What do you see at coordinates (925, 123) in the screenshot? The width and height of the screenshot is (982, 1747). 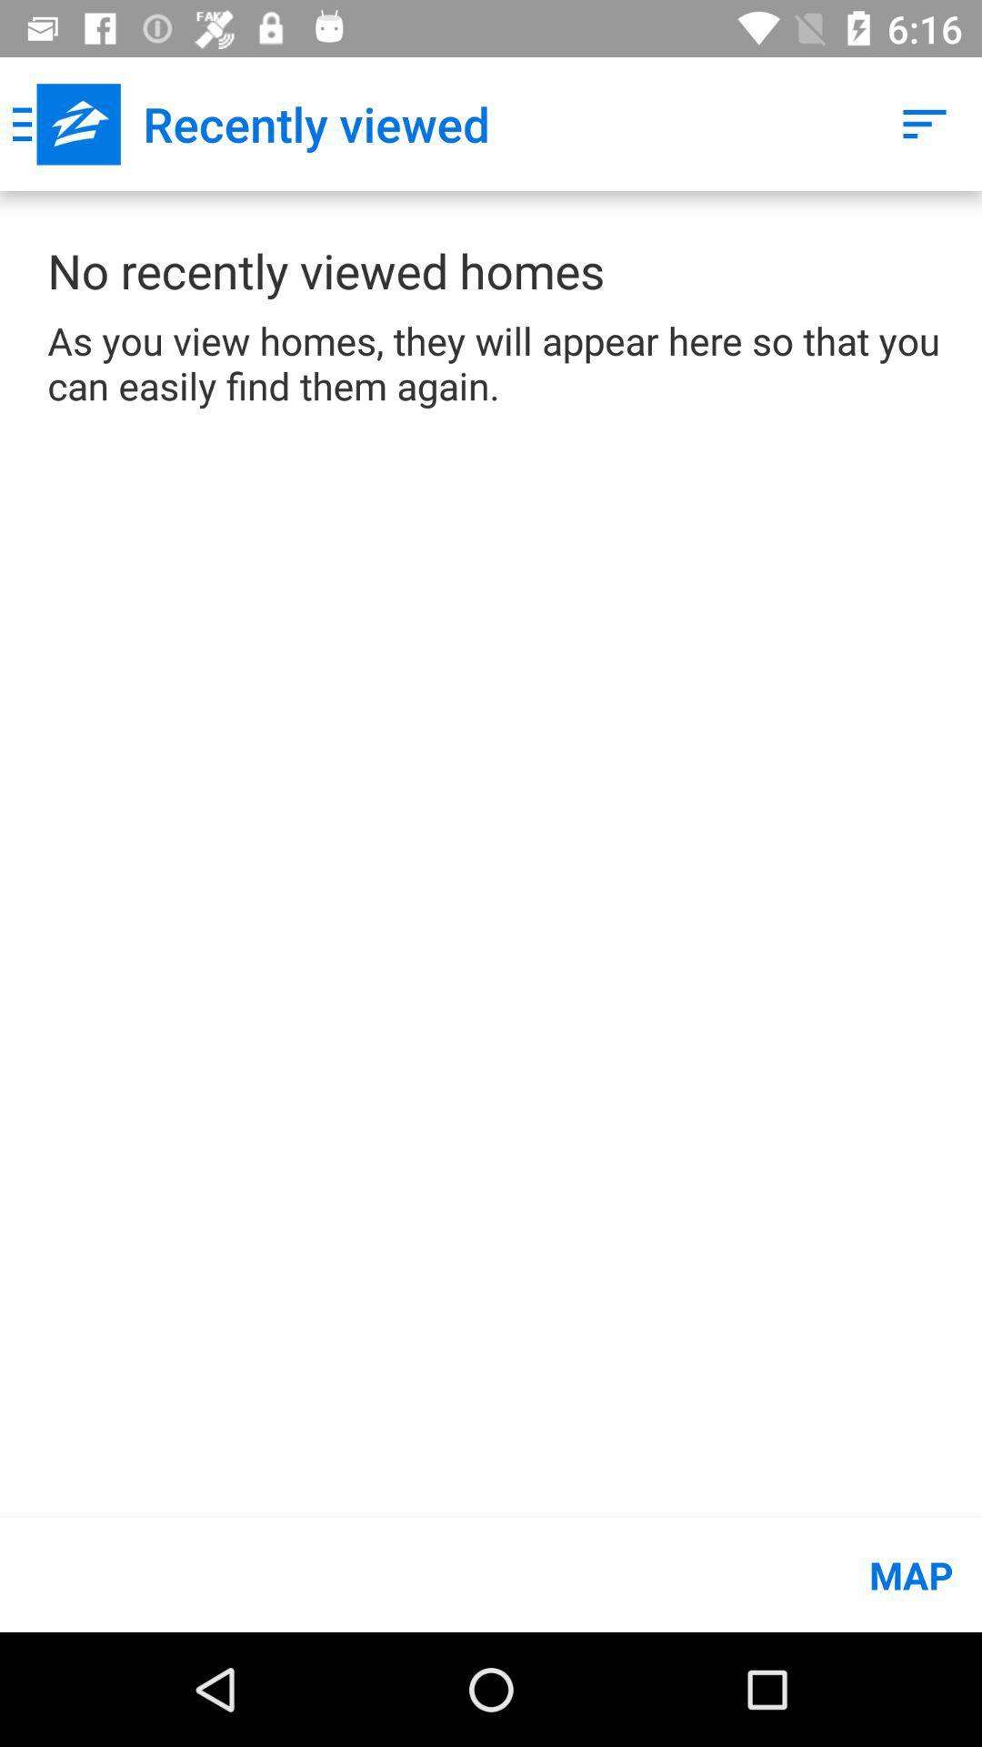 I see `item next to no recently viewed icon` at bounding box center [925, 123].